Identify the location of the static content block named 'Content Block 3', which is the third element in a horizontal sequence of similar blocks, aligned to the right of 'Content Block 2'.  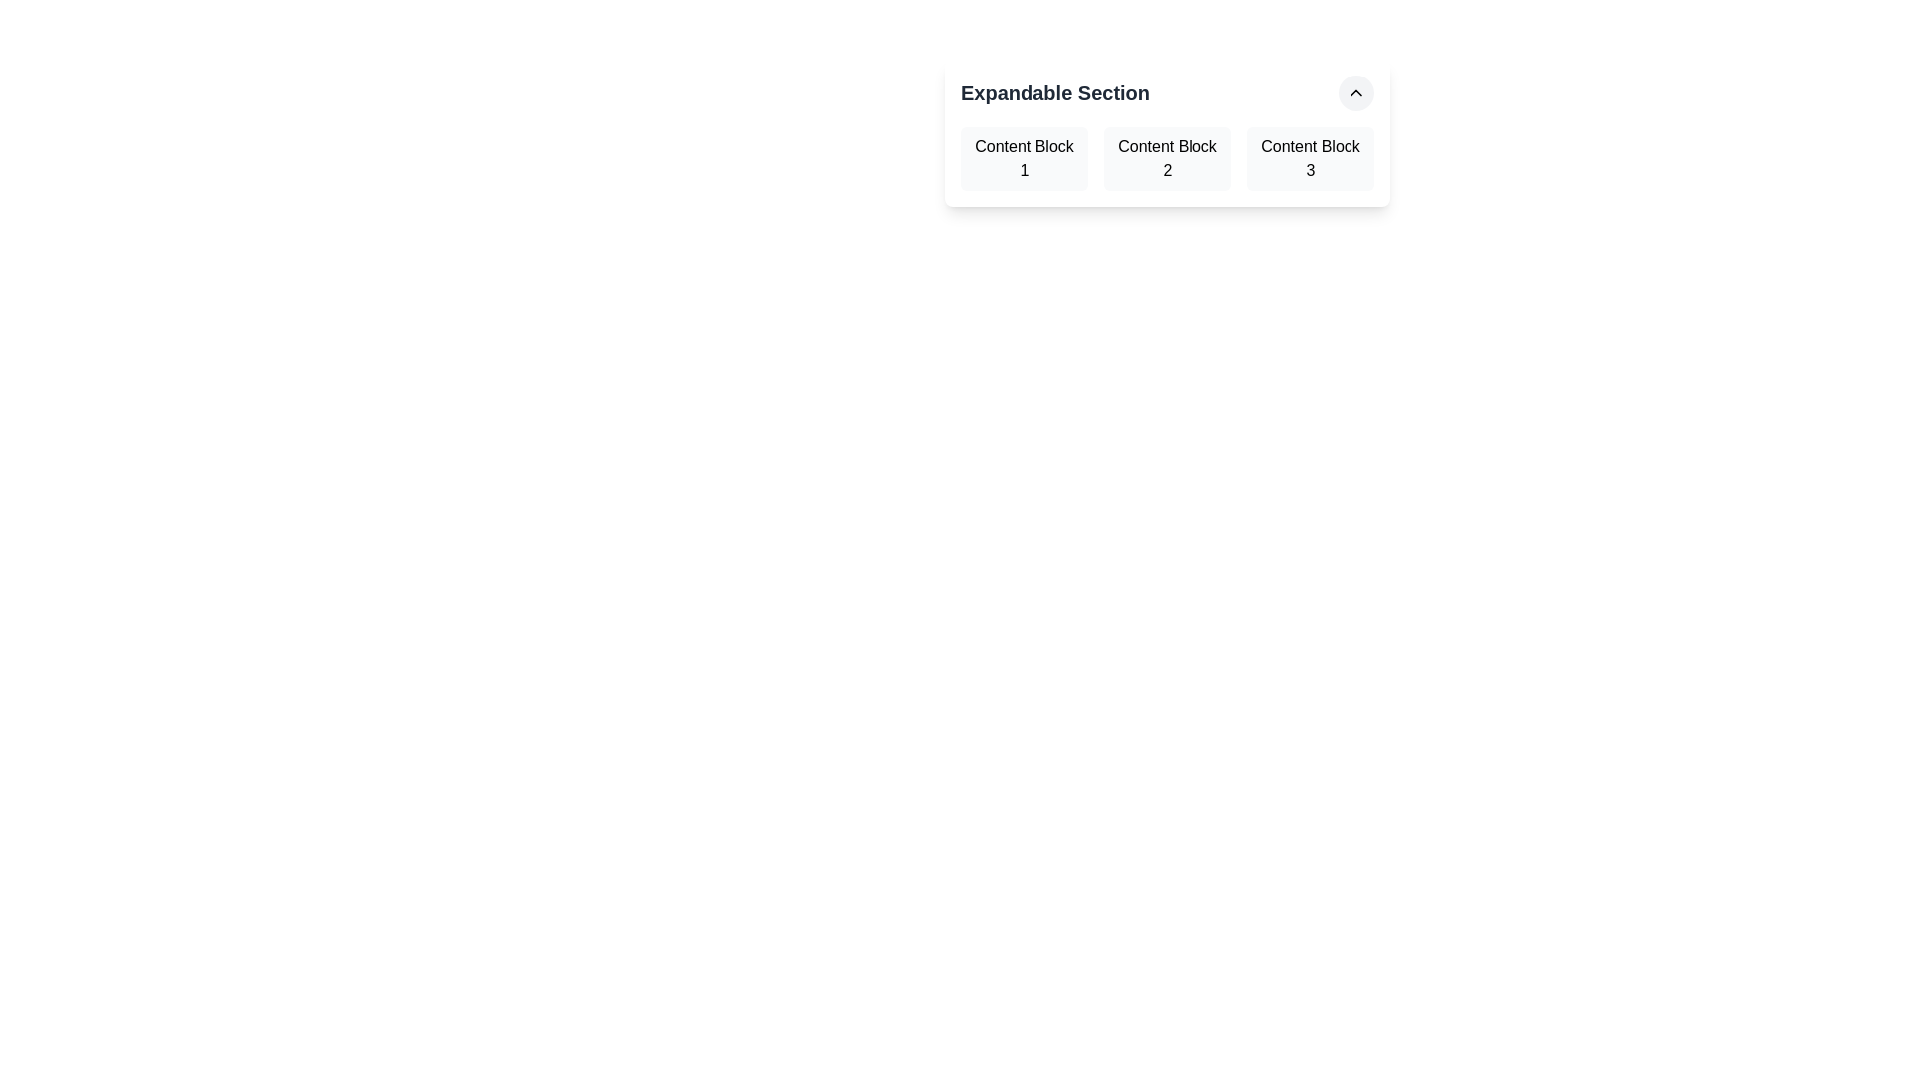
(1311, 157).